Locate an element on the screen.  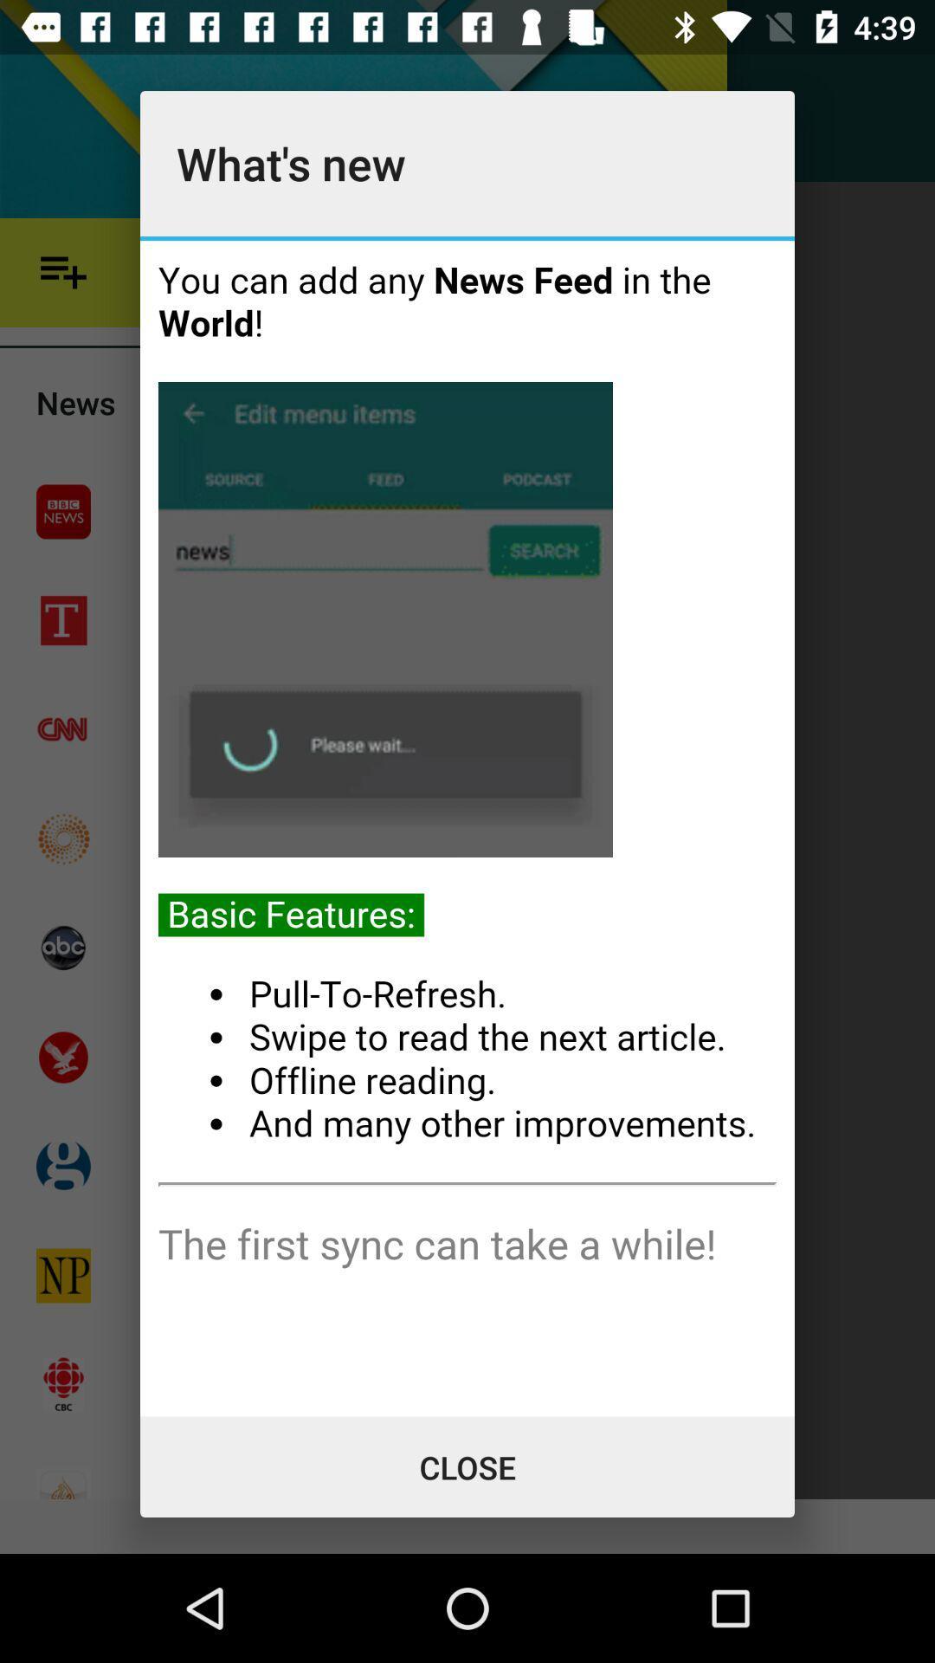
advertisement page is located at coordinates (467, 827).